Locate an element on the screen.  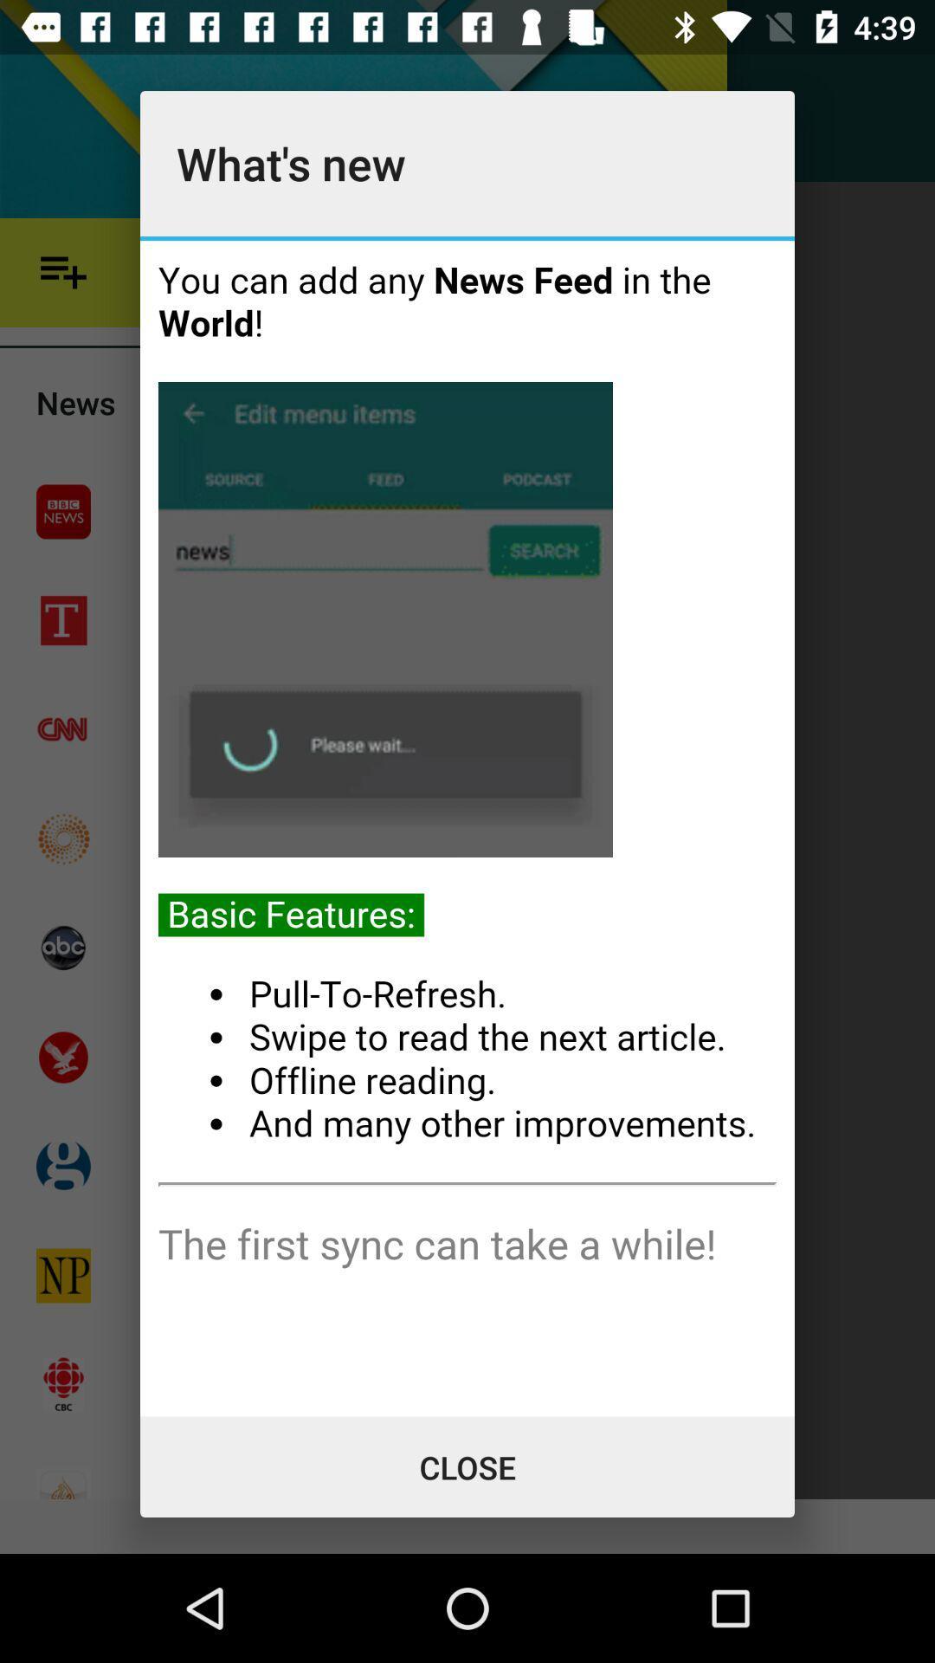
advertisement page is located at coordinates (467, 827).